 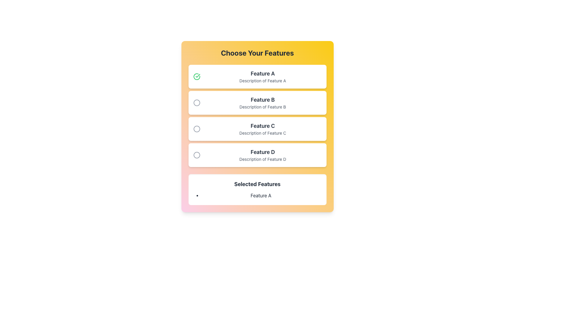 I want to click on the outer circle of the checkmark icon indicating selection status for 'Feature A', so click(x=197, y=76).